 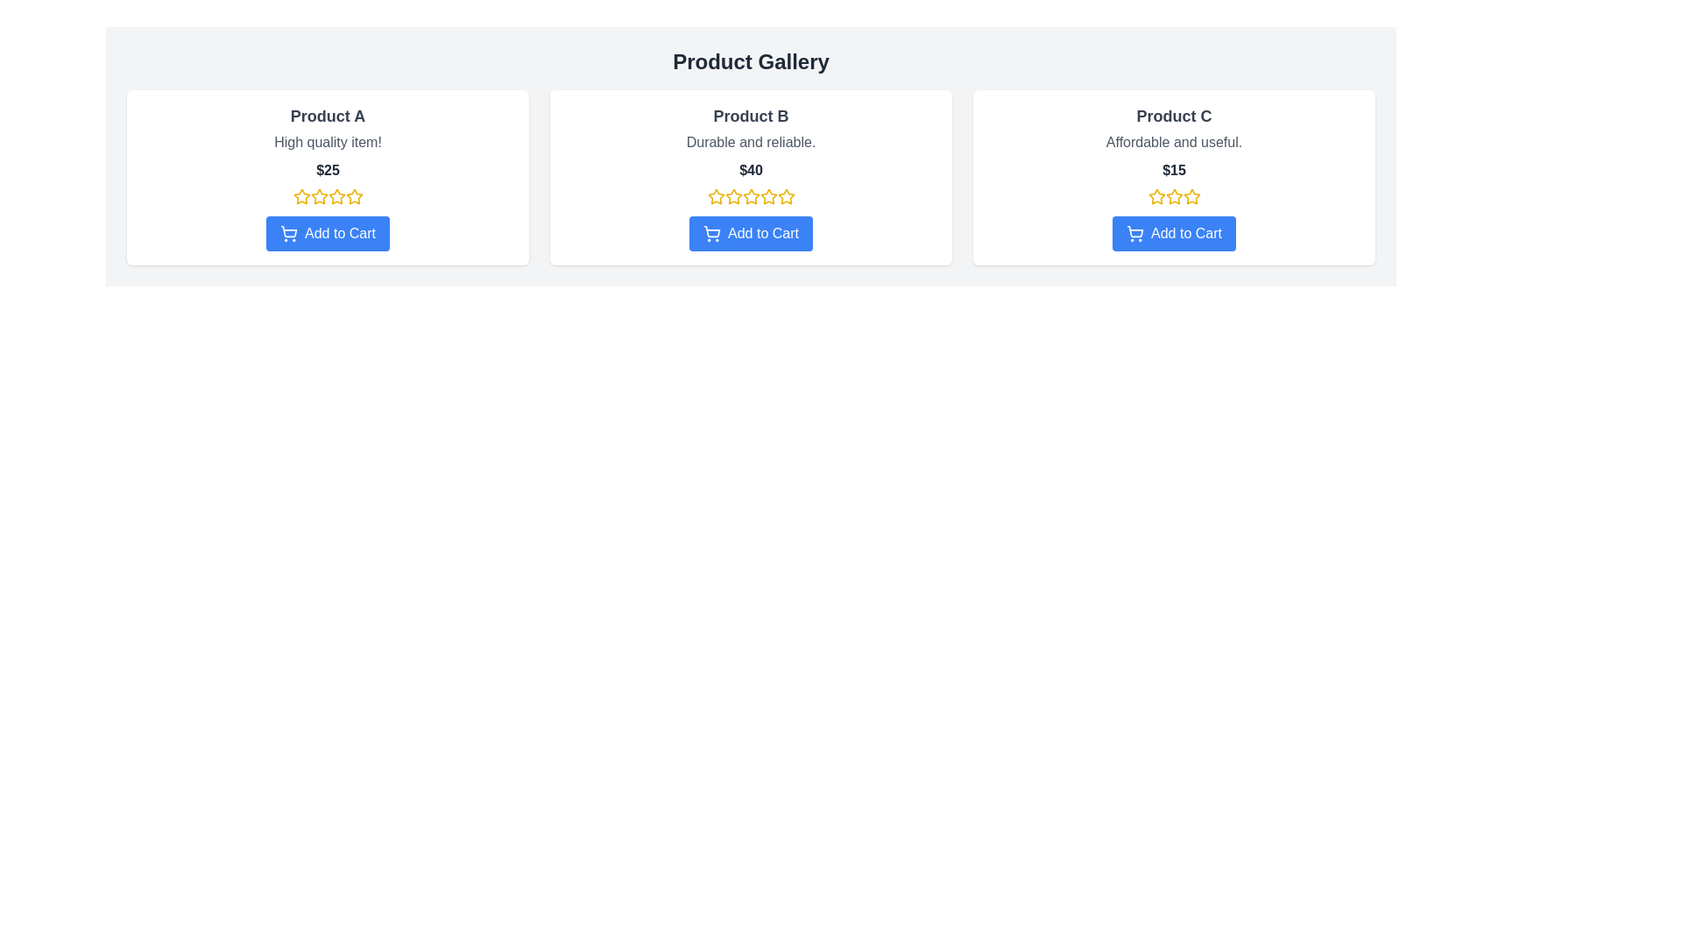 I want to click on the text label that reads 'Product B', which is a large, bold, dark gray heading located in the middle card of three horizontally aligned product cards, so click(x=751, y=116).